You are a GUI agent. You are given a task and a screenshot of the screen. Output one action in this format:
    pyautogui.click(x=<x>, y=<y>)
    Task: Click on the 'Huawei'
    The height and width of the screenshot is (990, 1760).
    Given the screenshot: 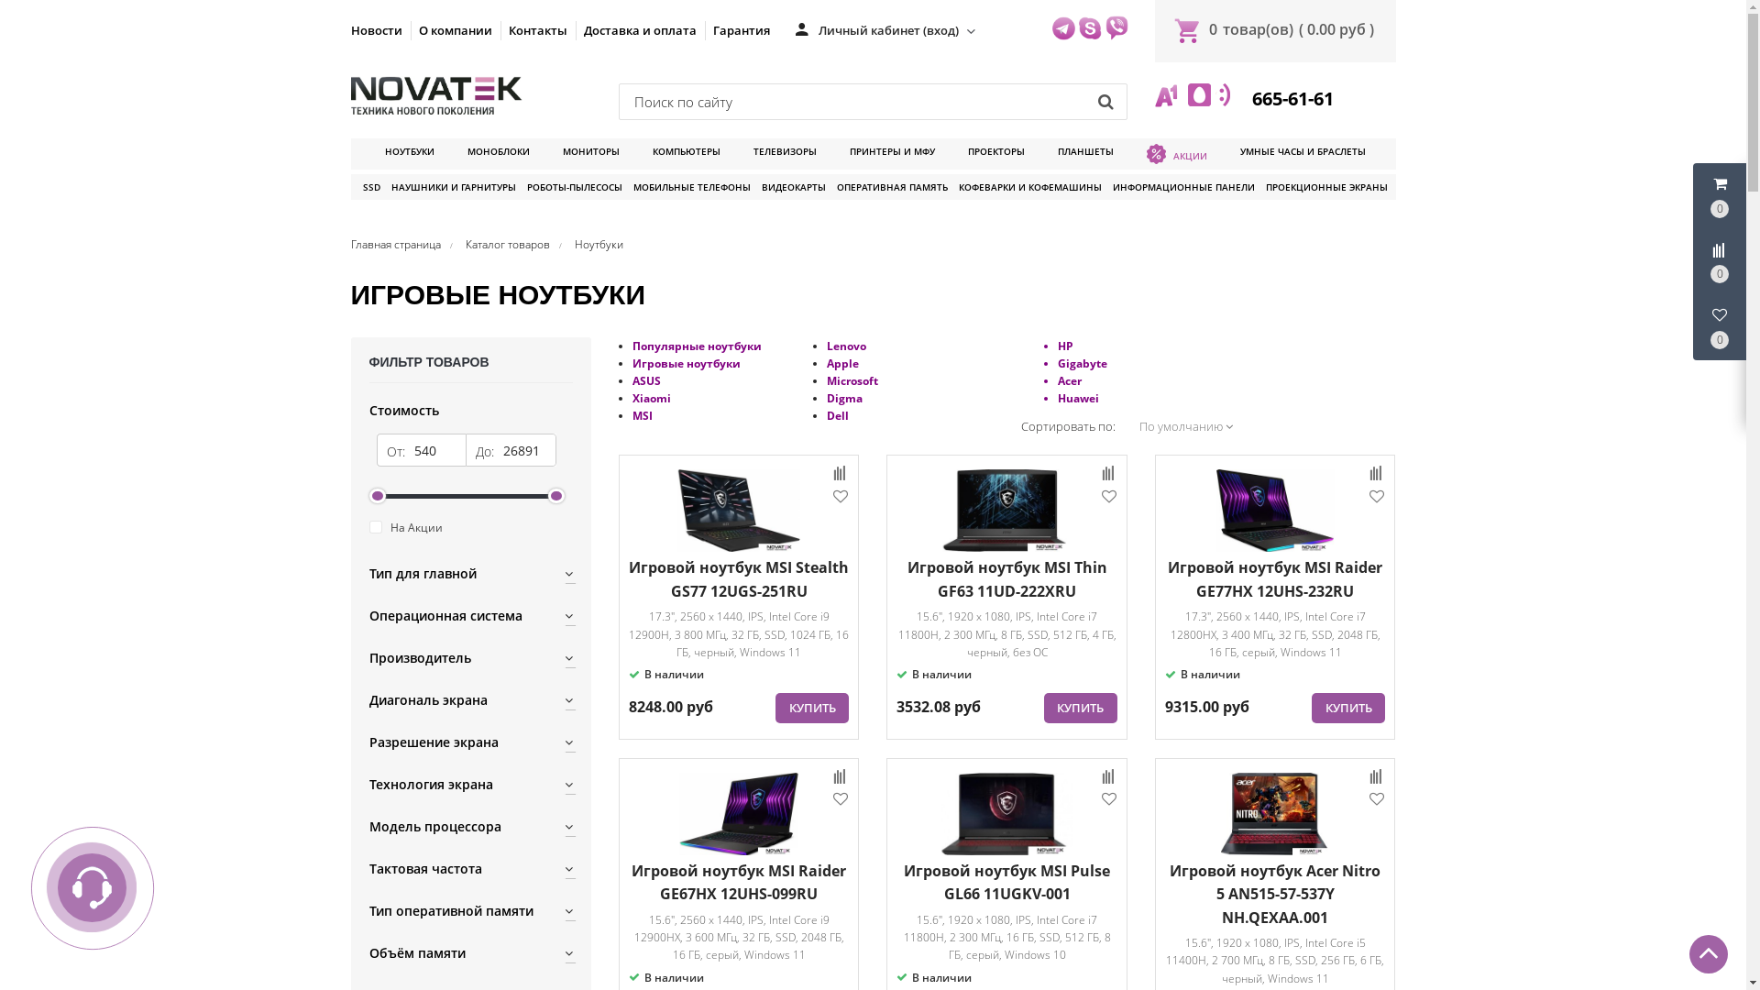 What is the action you would take?
    pyautogui.click(x=1078, y=397)
    